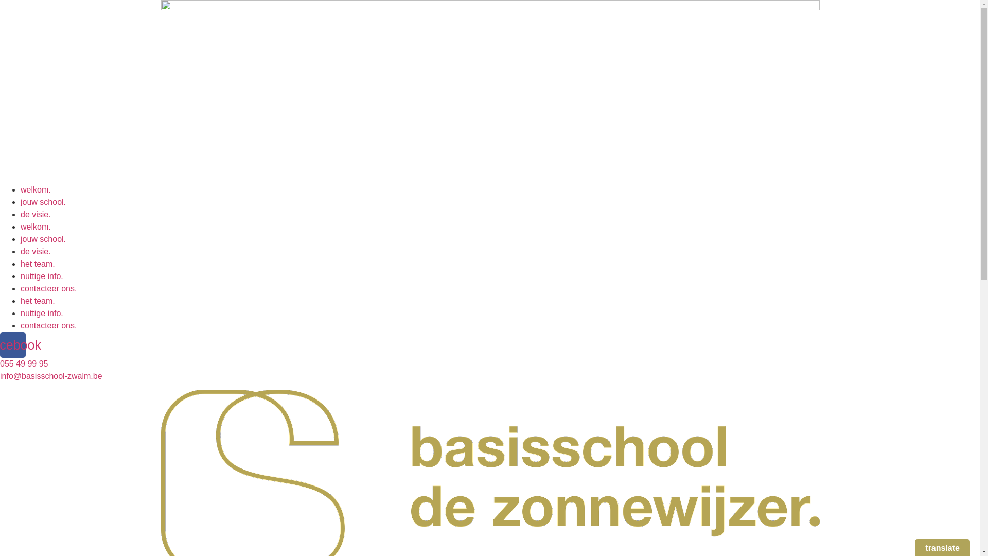  Describe the element at coordinates (24, 363) in the screenshot. I see `'055 49 99 95'` at that location.